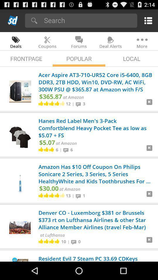 The height and width of the screenshot is (280, 158). Describe the element at coordinates (149, 150) in the screenshot. I see `to view` at that location.